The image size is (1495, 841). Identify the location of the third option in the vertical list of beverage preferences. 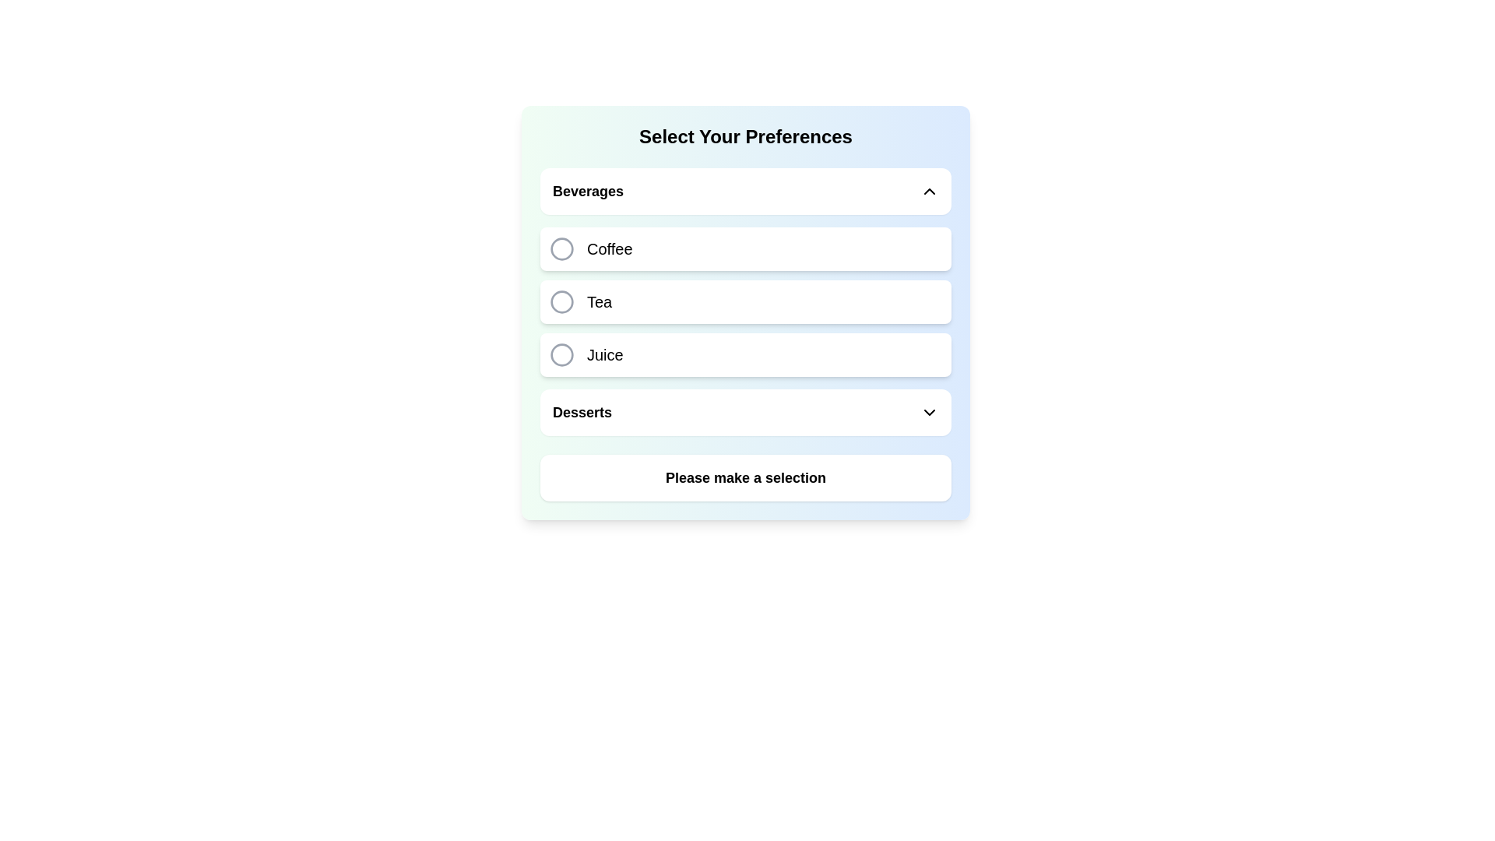
(745, 354).